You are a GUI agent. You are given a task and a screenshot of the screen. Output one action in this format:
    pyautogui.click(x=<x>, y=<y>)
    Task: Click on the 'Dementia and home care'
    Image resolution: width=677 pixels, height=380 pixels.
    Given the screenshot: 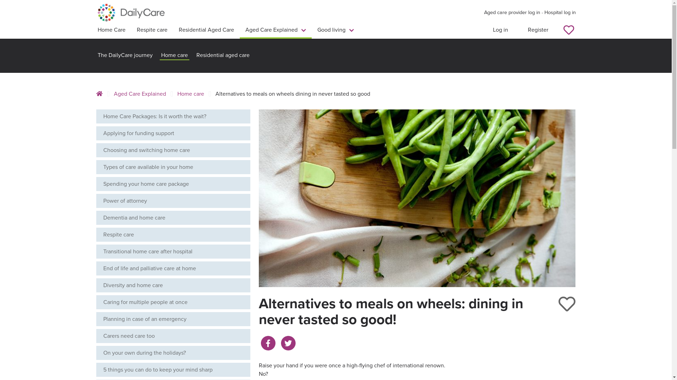 What is the action you would take?
    pyautogui.click(x=173, y=217)
    